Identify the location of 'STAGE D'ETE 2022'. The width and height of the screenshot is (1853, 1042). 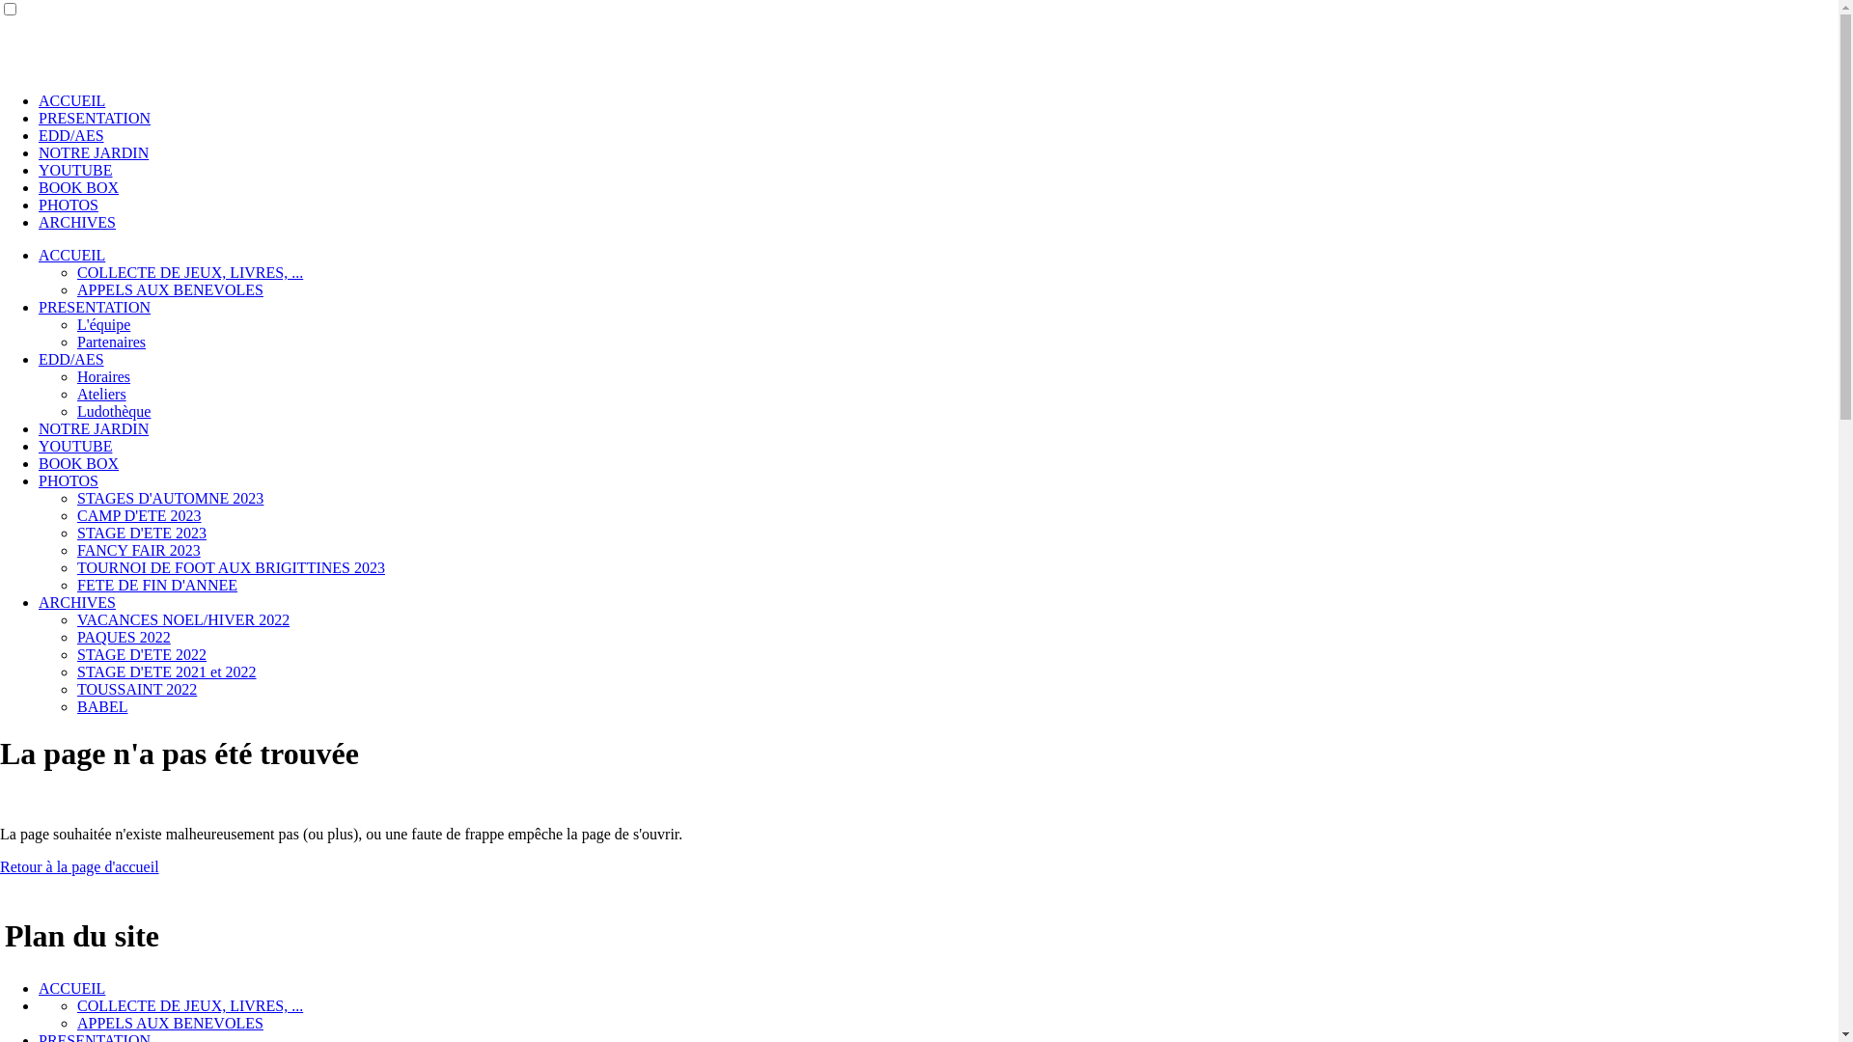
(141, 653).